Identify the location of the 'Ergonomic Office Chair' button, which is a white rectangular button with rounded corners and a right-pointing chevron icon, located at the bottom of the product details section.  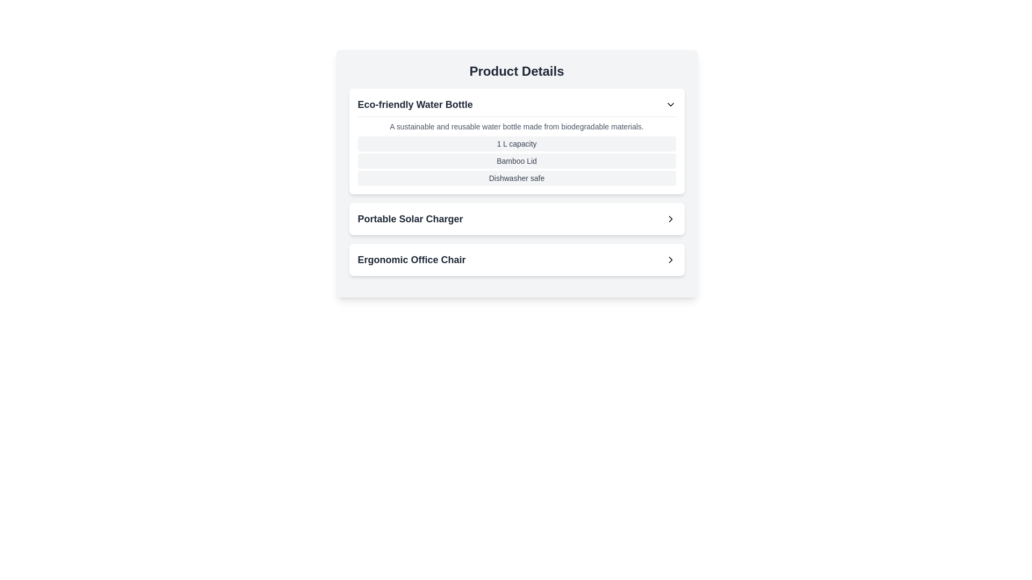
(517, 259).